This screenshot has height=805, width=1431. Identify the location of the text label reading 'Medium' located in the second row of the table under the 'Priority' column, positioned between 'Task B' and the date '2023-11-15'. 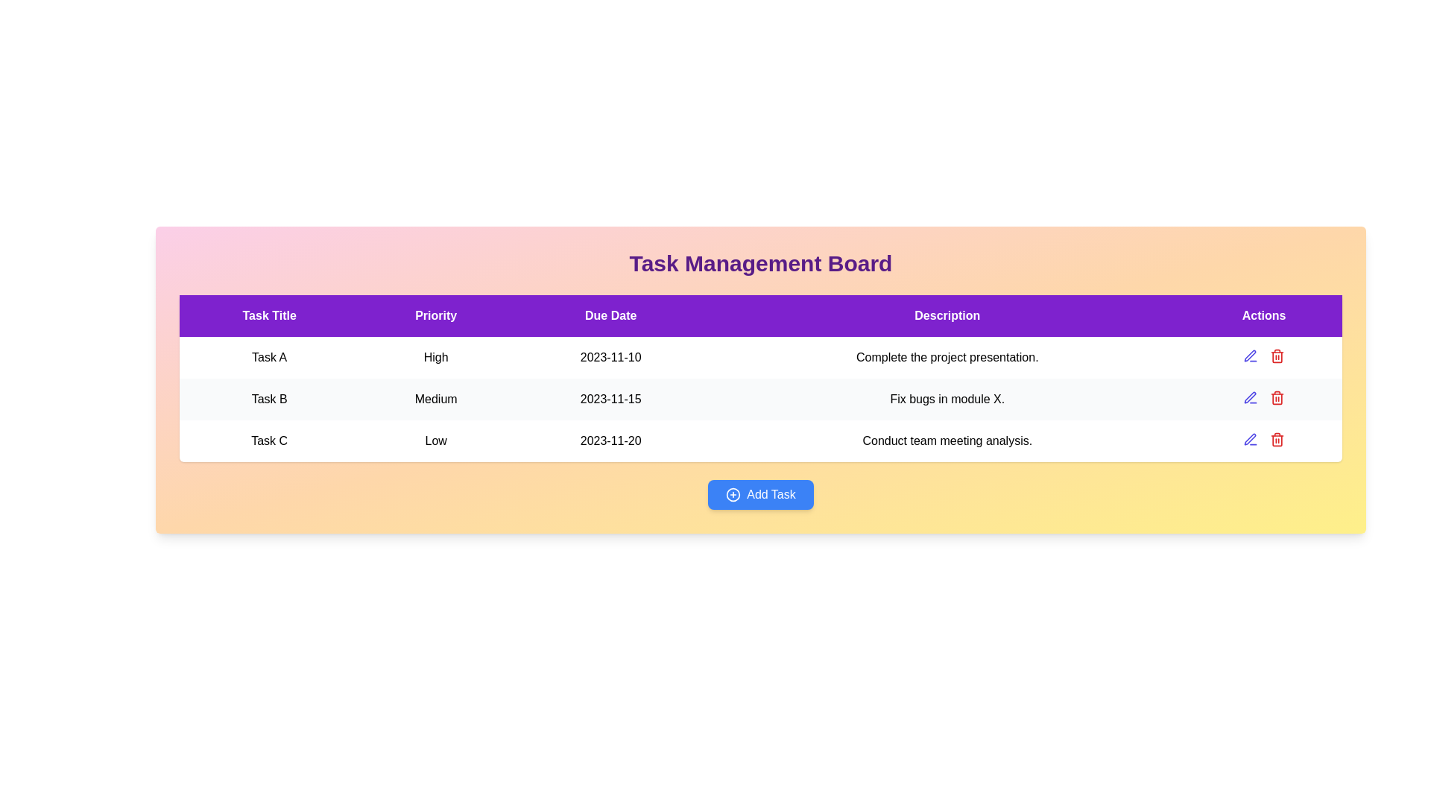
(435, 399).